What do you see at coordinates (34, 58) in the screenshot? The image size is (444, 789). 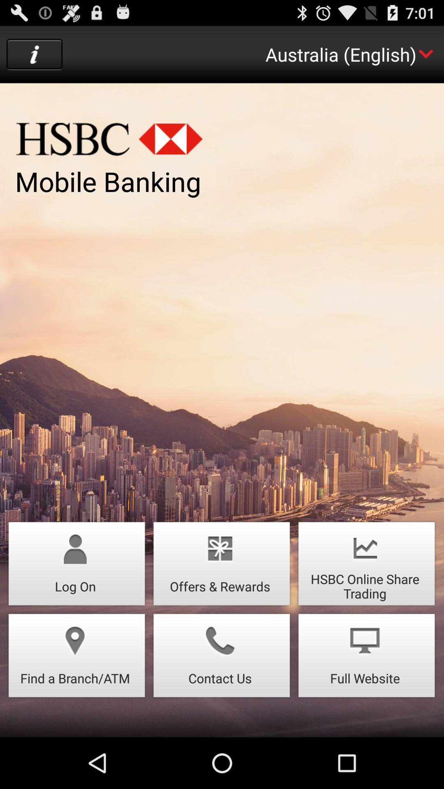 I see `the info icon` at bounding box center [34, 58].